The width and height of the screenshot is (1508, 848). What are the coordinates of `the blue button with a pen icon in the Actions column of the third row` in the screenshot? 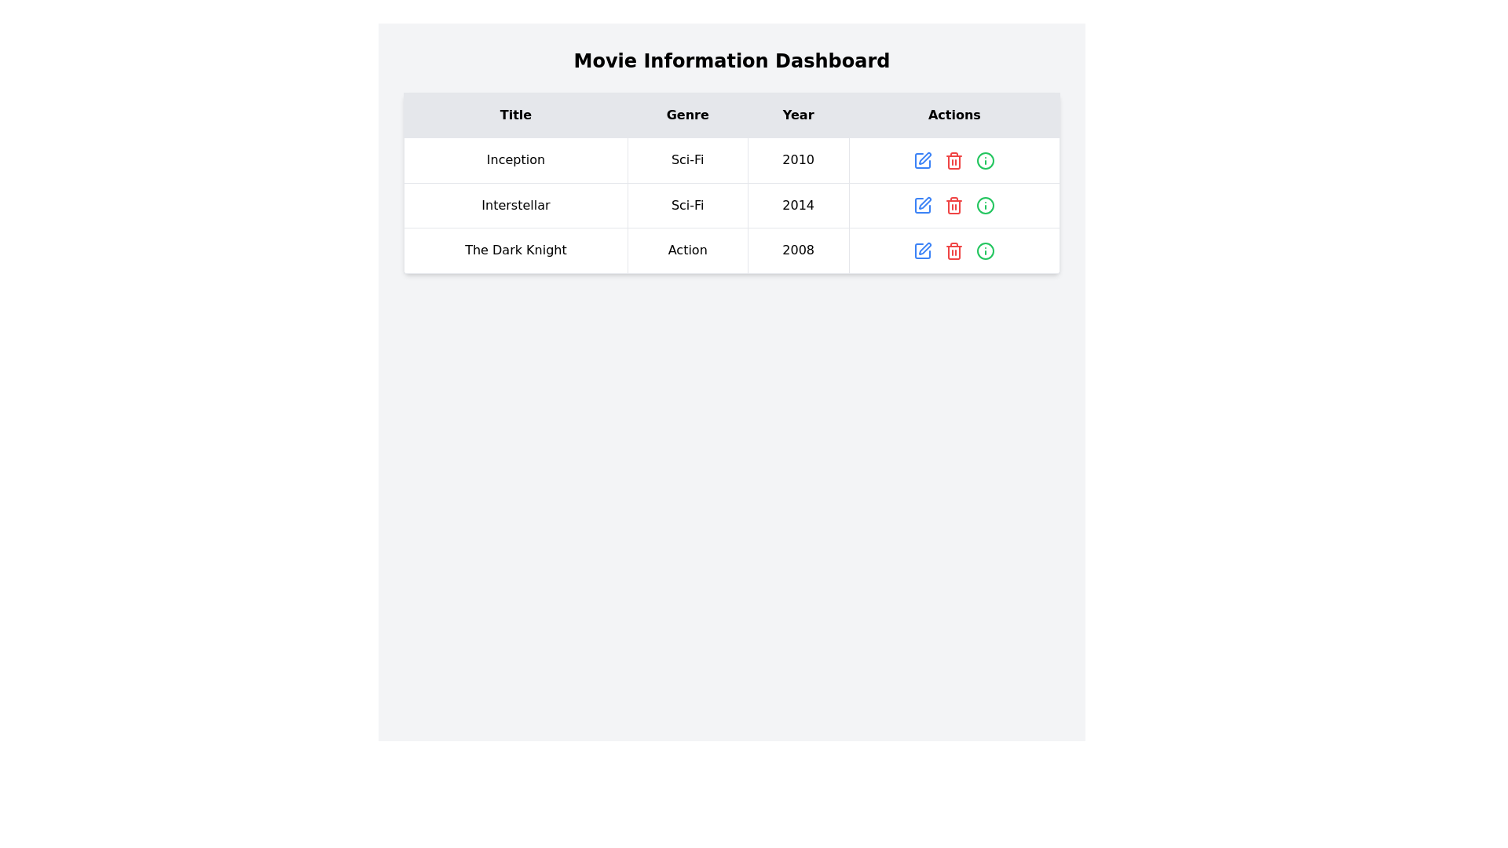 It's located at (923, 250).